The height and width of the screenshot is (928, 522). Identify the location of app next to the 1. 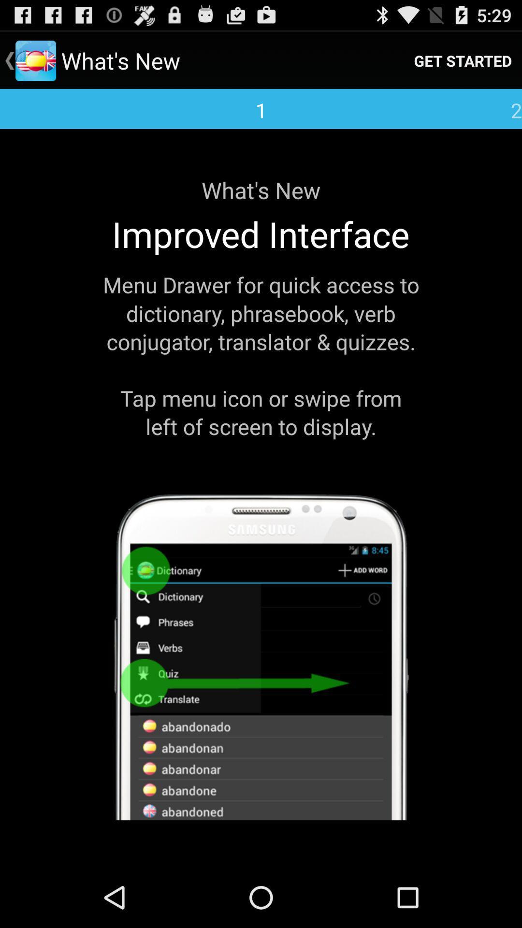
(462, 60).